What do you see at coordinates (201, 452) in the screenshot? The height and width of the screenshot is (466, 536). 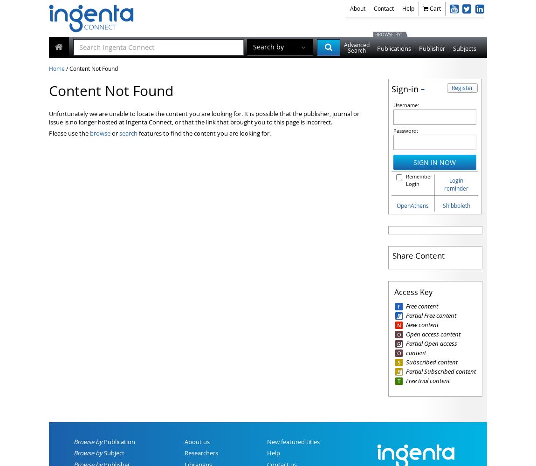 I see `'Researchers'` at bounding box center [201, 452].